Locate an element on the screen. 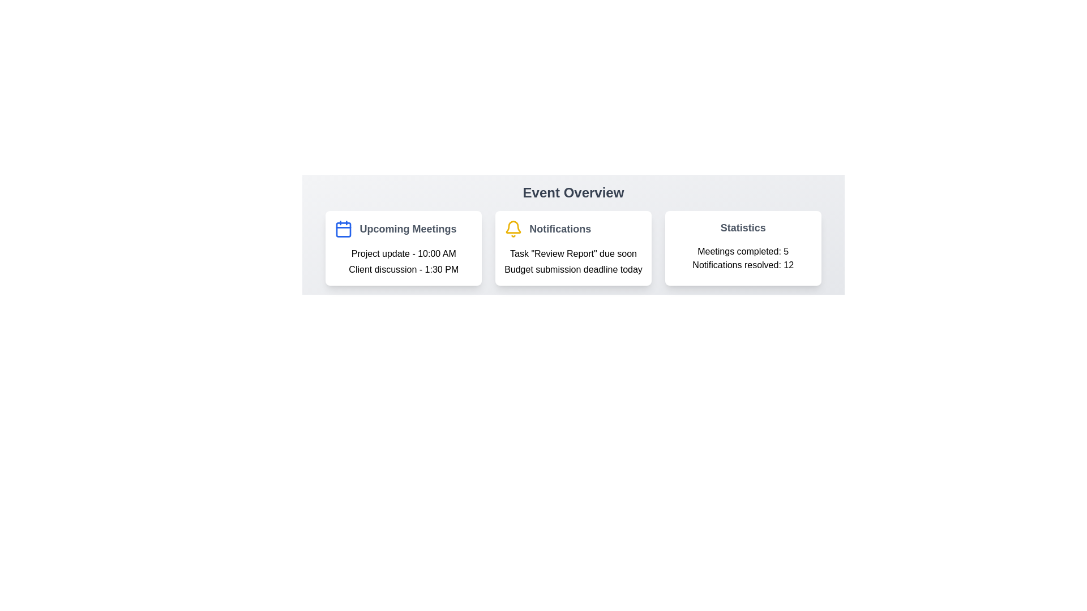 This screenshot has height=611, width=1087. the Information card that contains a yellow bell icon and the text 'Notifications', positioned centrally in the three-column grid layout is located at coordinates (573, 248).